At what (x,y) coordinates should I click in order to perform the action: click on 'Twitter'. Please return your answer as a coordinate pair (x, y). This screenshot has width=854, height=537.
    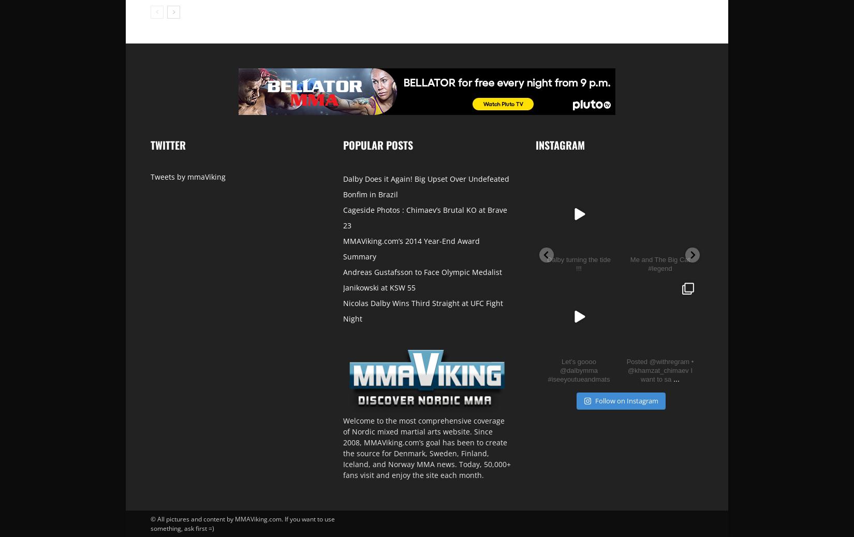
    Looking at the image, I should click on (168, 143).